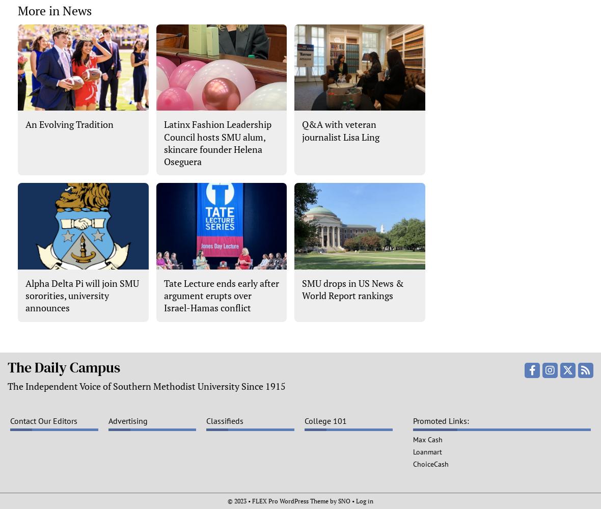 This screenshot has width=601, height=509. I want to click on 'by', so click(333, 500).